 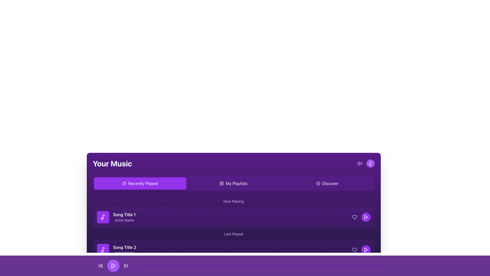 What do you see at coordinates (143, 183) in the screenshot?
I see `the 'Recently Played' text label, which is displayed in white on a purple rounded rectangle` at bounding box center [143, 183].